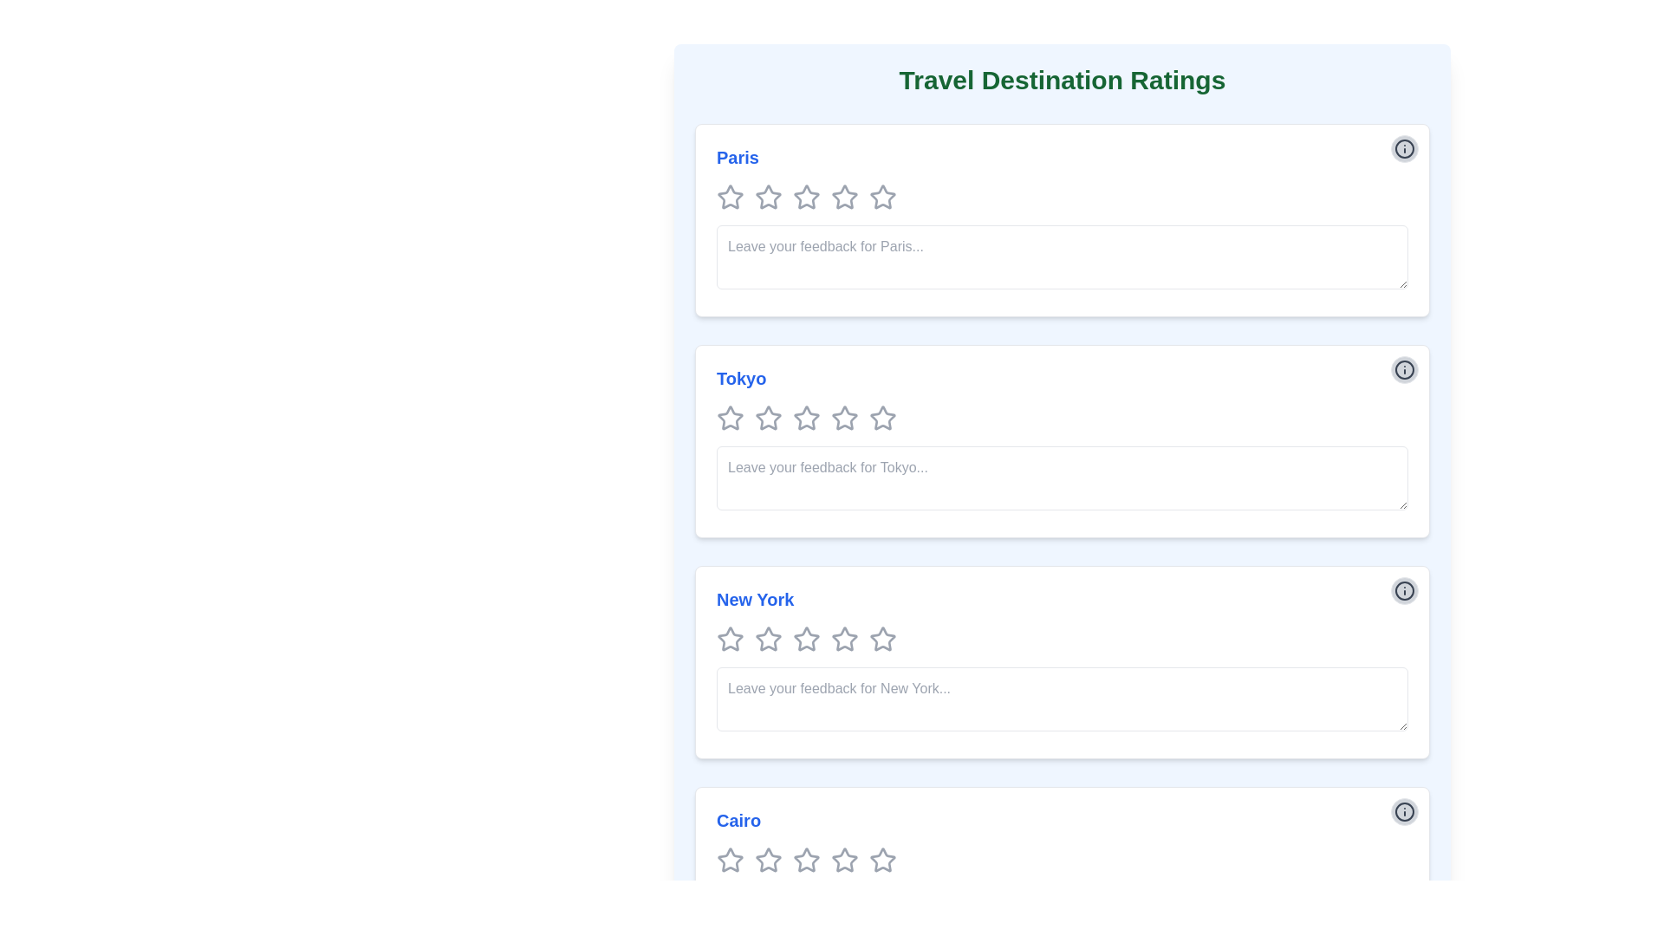  What do you see at coordinates (1405, 812) in the screenshot?
I see `the informational button located in the top-right corner of the white card labeled 'Cairo'` at bounding box center [1405, 812].